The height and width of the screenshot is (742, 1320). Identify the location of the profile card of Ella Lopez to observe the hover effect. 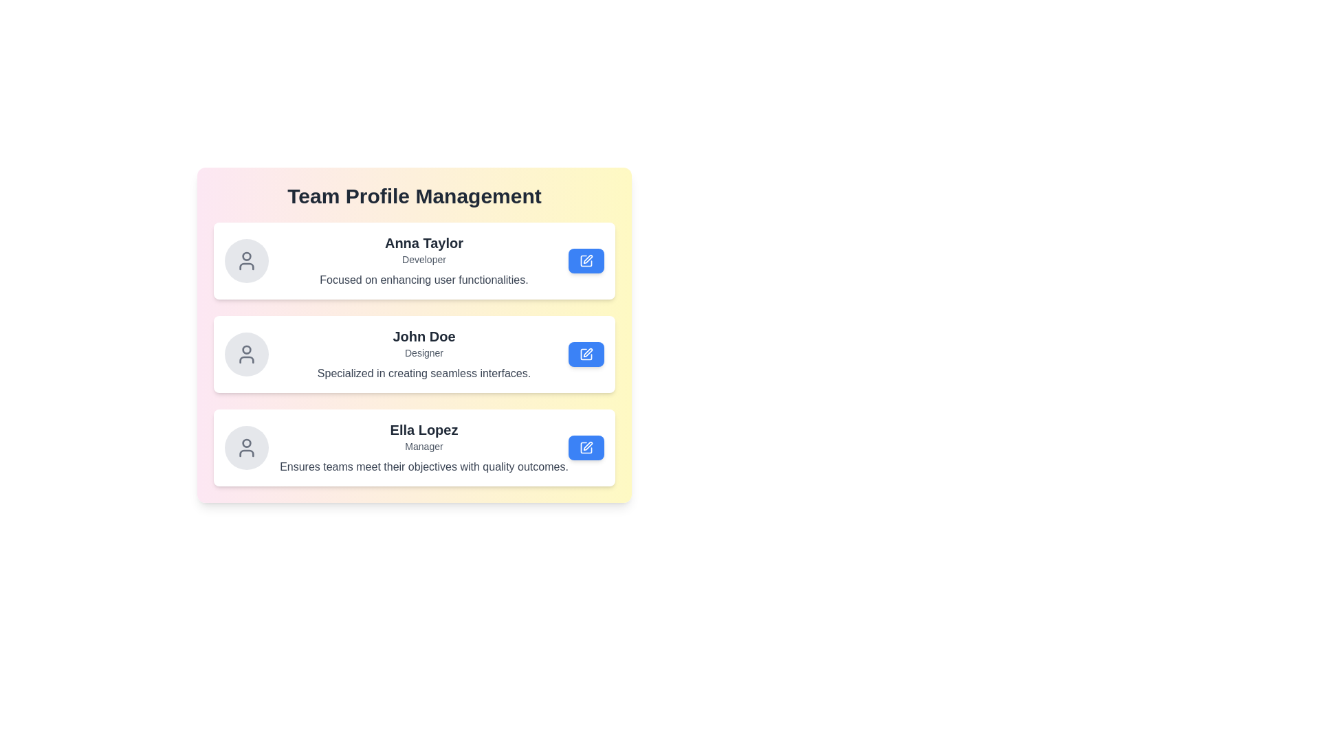
(414, 447).